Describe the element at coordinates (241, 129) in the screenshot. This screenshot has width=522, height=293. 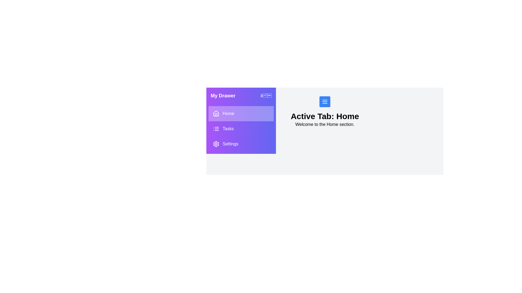
I see `the tab Tasks from the drawer menu` at that location.